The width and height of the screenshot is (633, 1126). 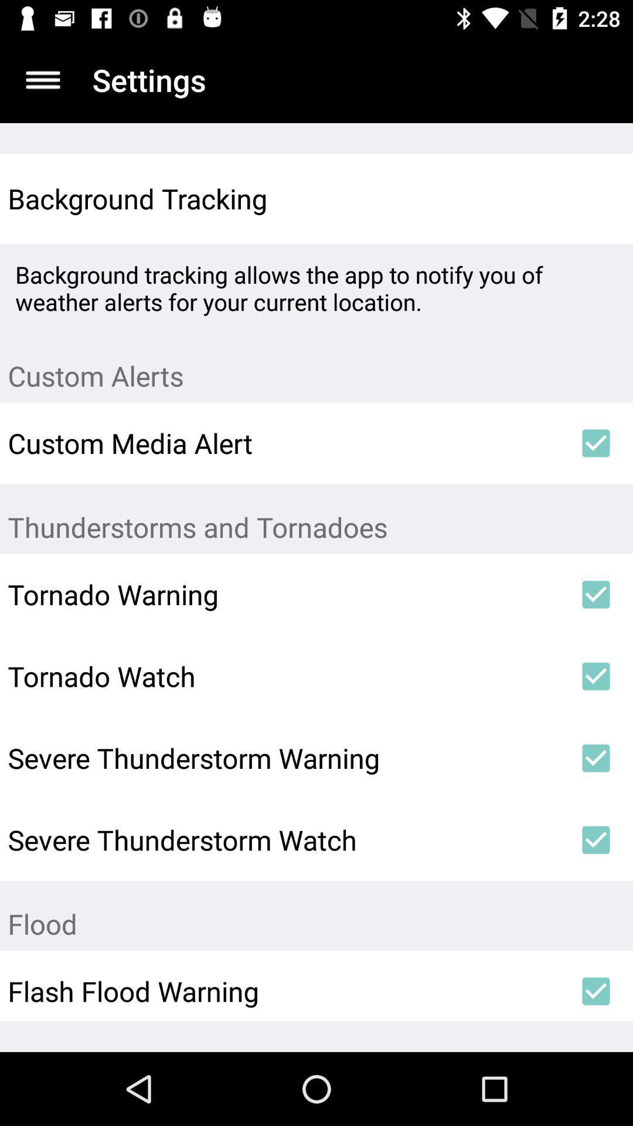 What do you see at coordinates (596, 991) in the screenshot?
I see `the checkbox on the bottom right corner of the web page` at bounding box center [596, 991].